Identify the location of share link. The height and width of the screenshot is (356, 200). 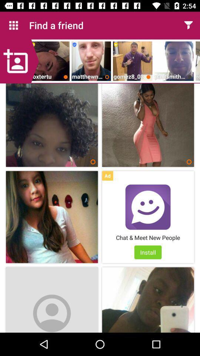
(188, 25).